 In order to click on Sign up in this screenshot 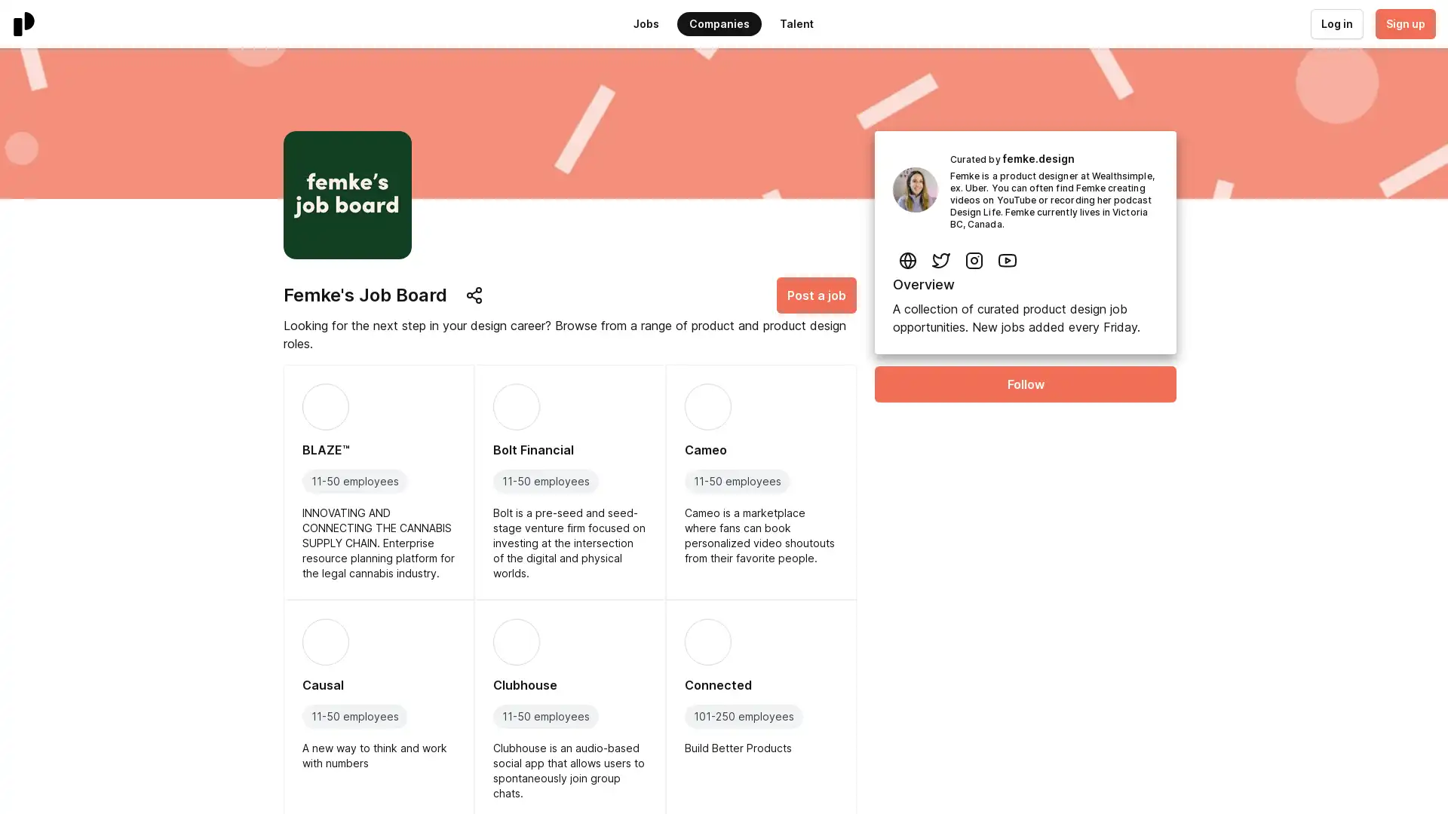, I will do `click(1404, 23)`.